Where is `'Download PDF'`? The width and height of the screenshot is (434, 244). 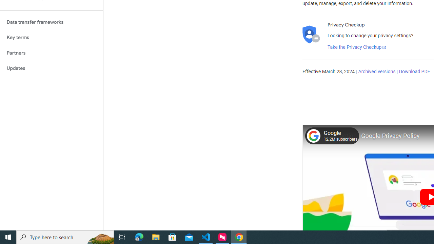
'Download PDF' is located at coordinates (414, 72).